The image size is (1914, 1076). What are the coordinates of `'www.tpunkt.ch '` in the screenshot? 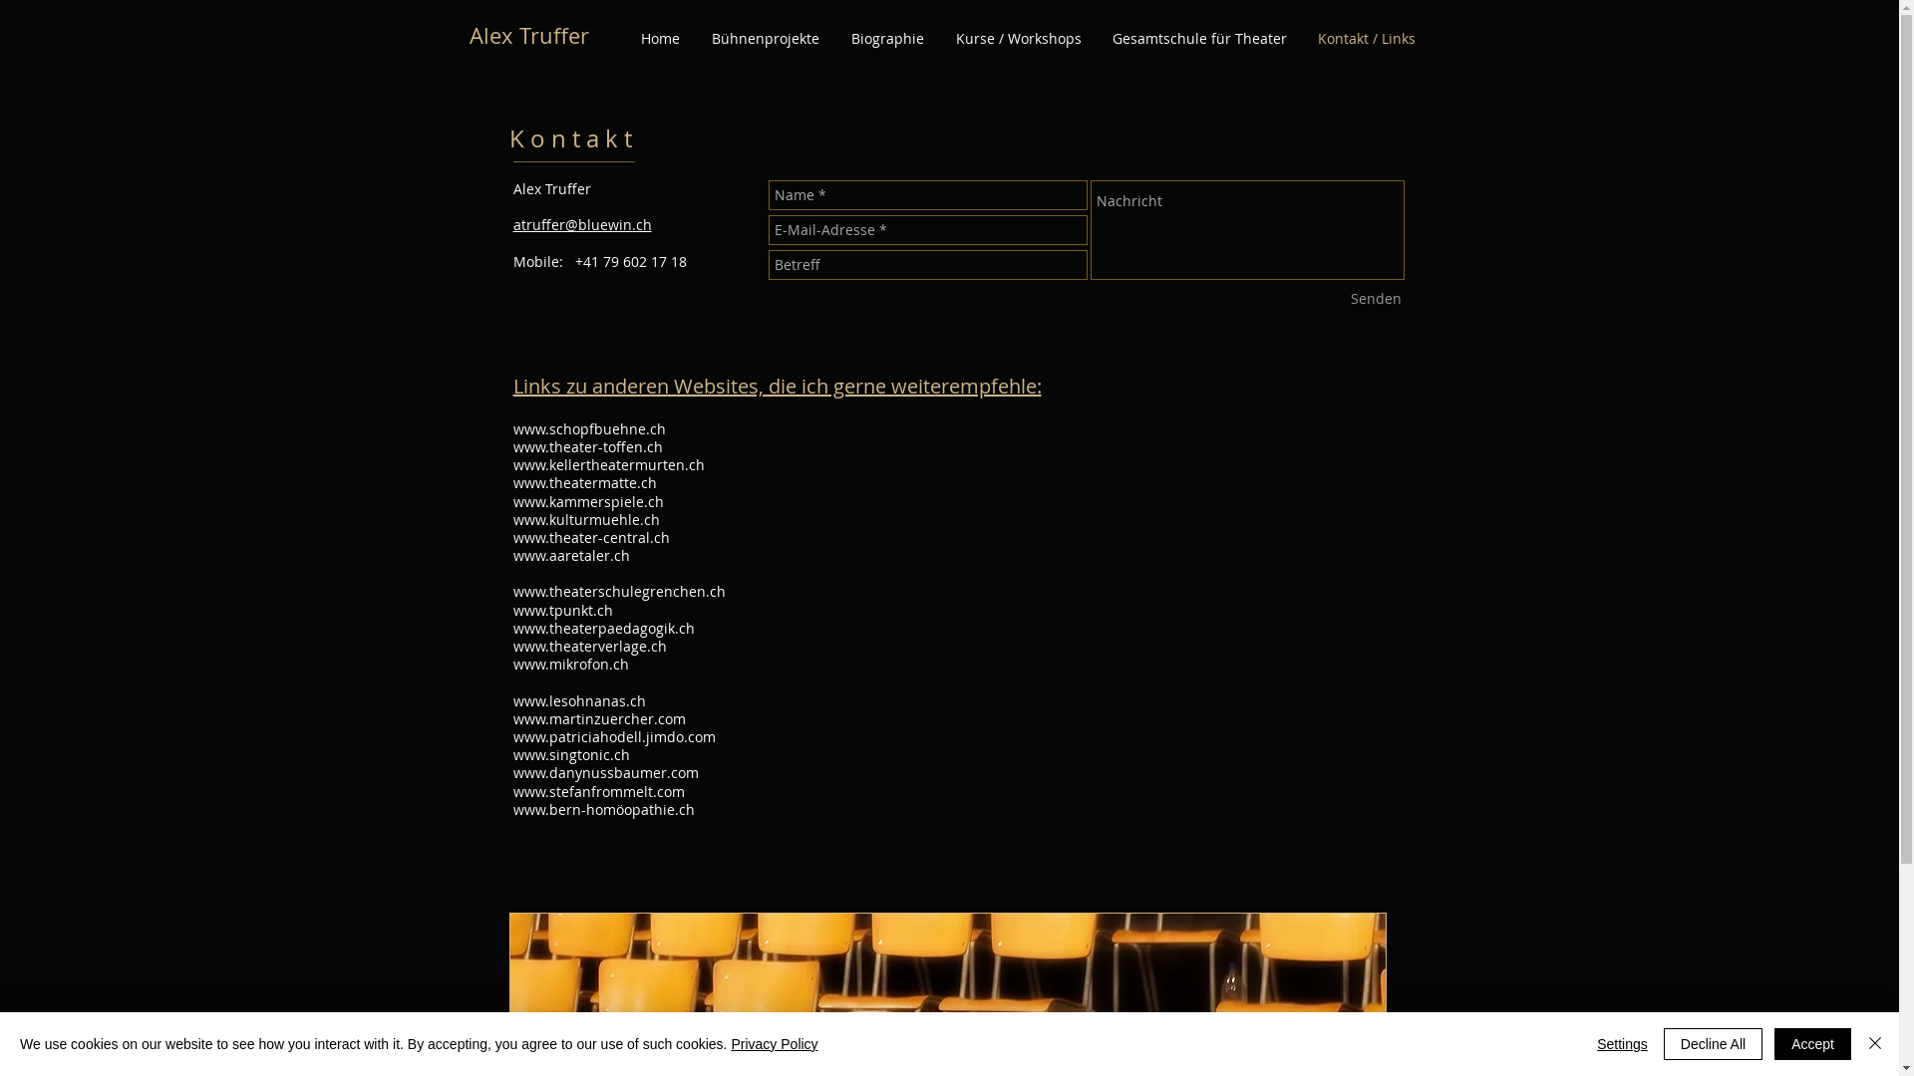 It's located at (563, 609).